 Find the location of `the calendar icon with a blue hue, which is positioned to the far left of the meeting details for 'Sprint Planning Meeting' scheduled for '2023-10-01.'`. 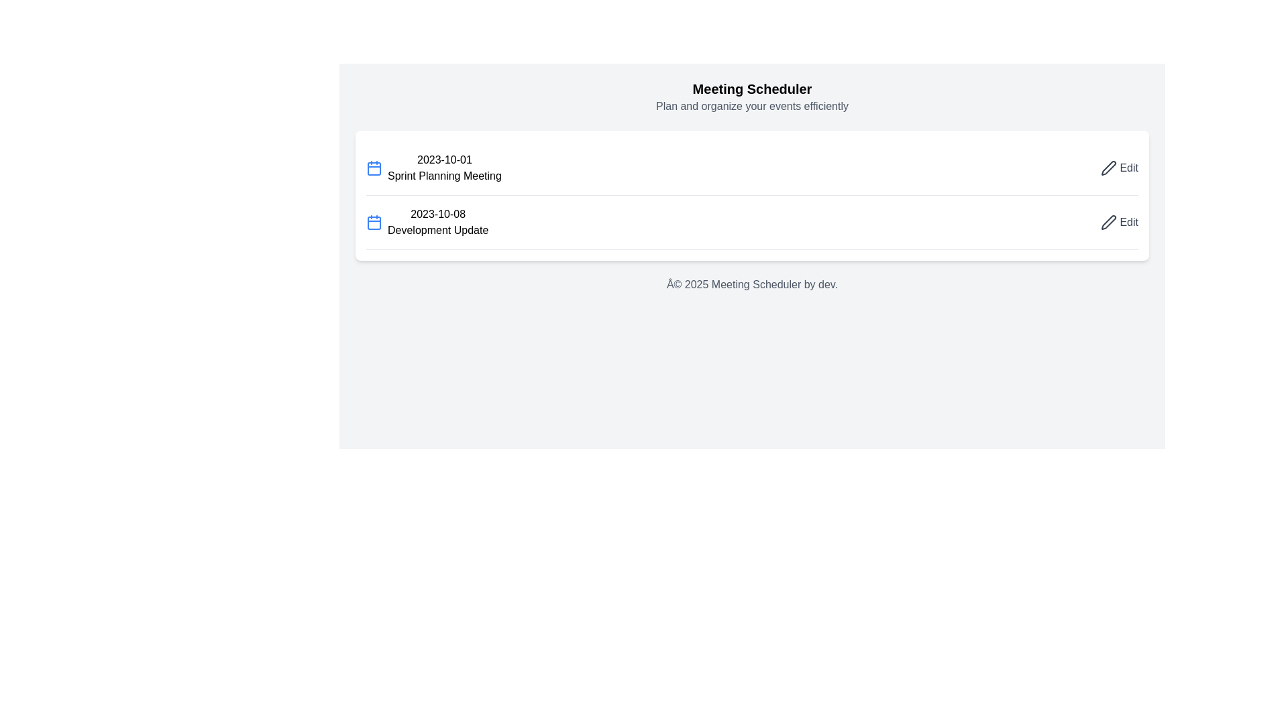

the calendar icon with a blue hue, which is positioned to the far left of the meeting details for 'Sprint Planning Meeting' scheduled for '2023-10-01.' is located at coordinates (374, 167).